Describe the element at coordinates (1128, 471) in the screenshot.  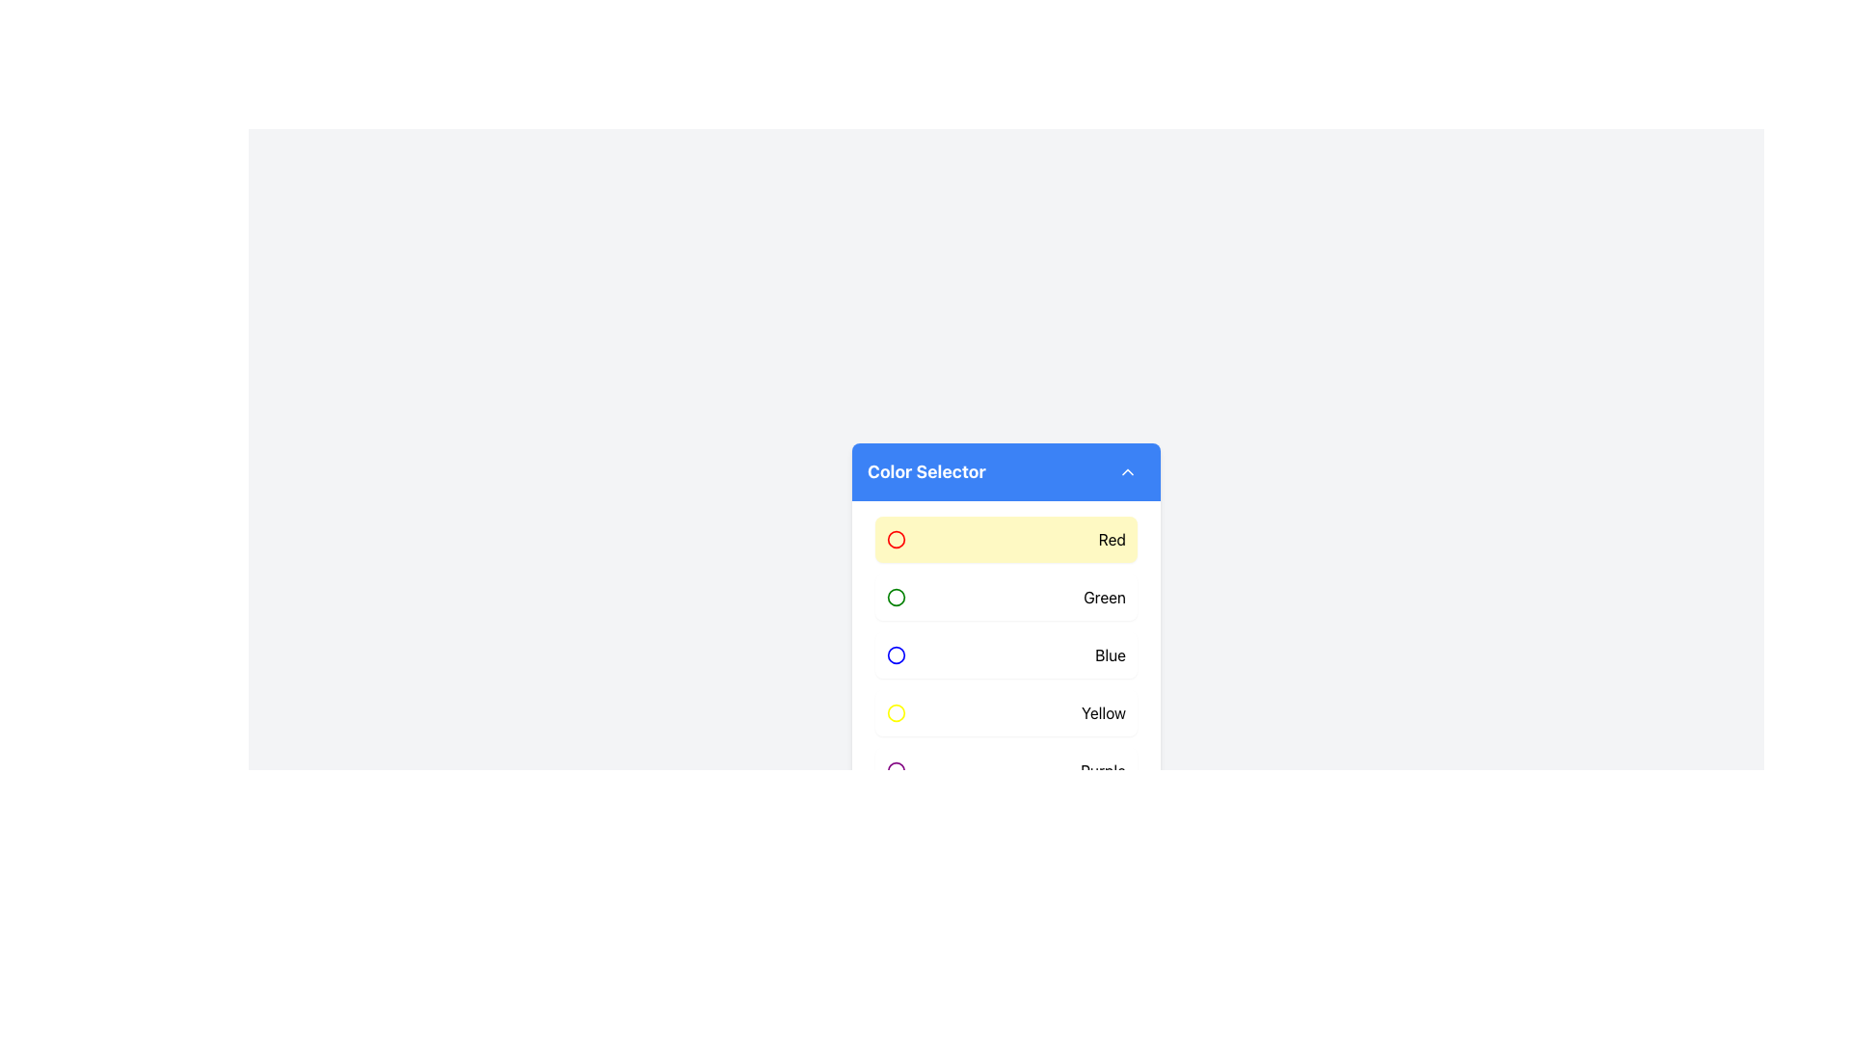
I see `the circular blue button with a white upward arrow icon located at the top-right corner of the 'Color Selector' section` at that location.